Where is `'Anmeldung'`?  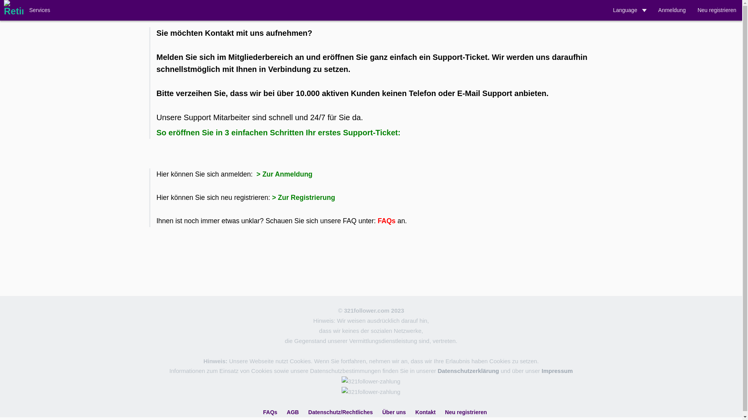
'Anmeldung' is located at coordinates (653, 10).